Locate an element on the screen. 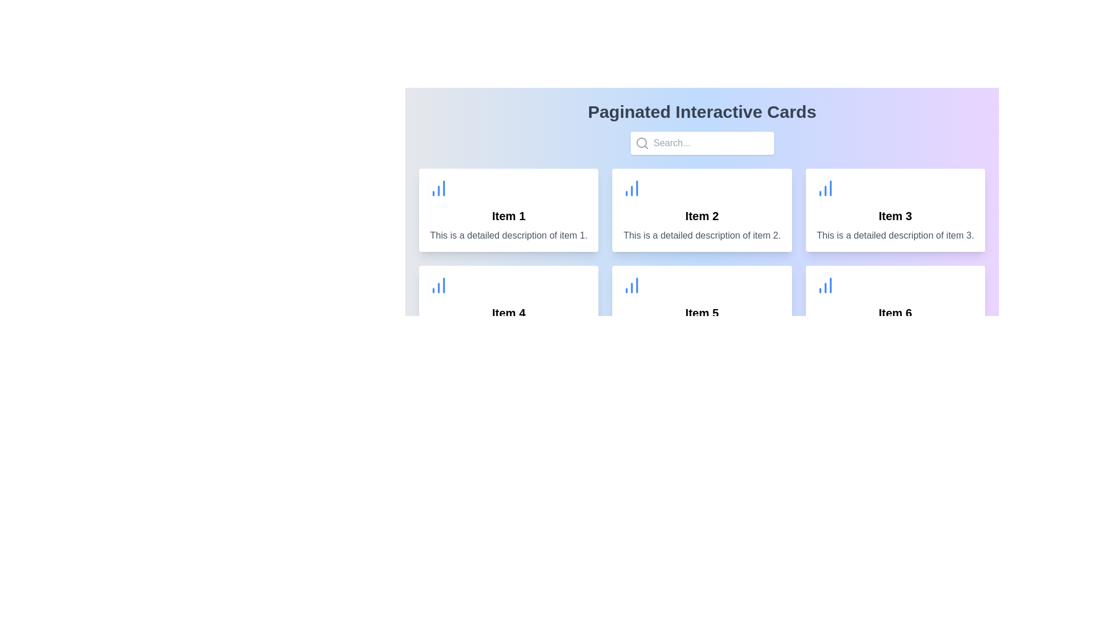 This screenshot has height=624, width=1110. the column chart icon located at the top-left corner of the first card, which contains the title 'Item 1' and a description of its content is located at coordinates (438, 188).